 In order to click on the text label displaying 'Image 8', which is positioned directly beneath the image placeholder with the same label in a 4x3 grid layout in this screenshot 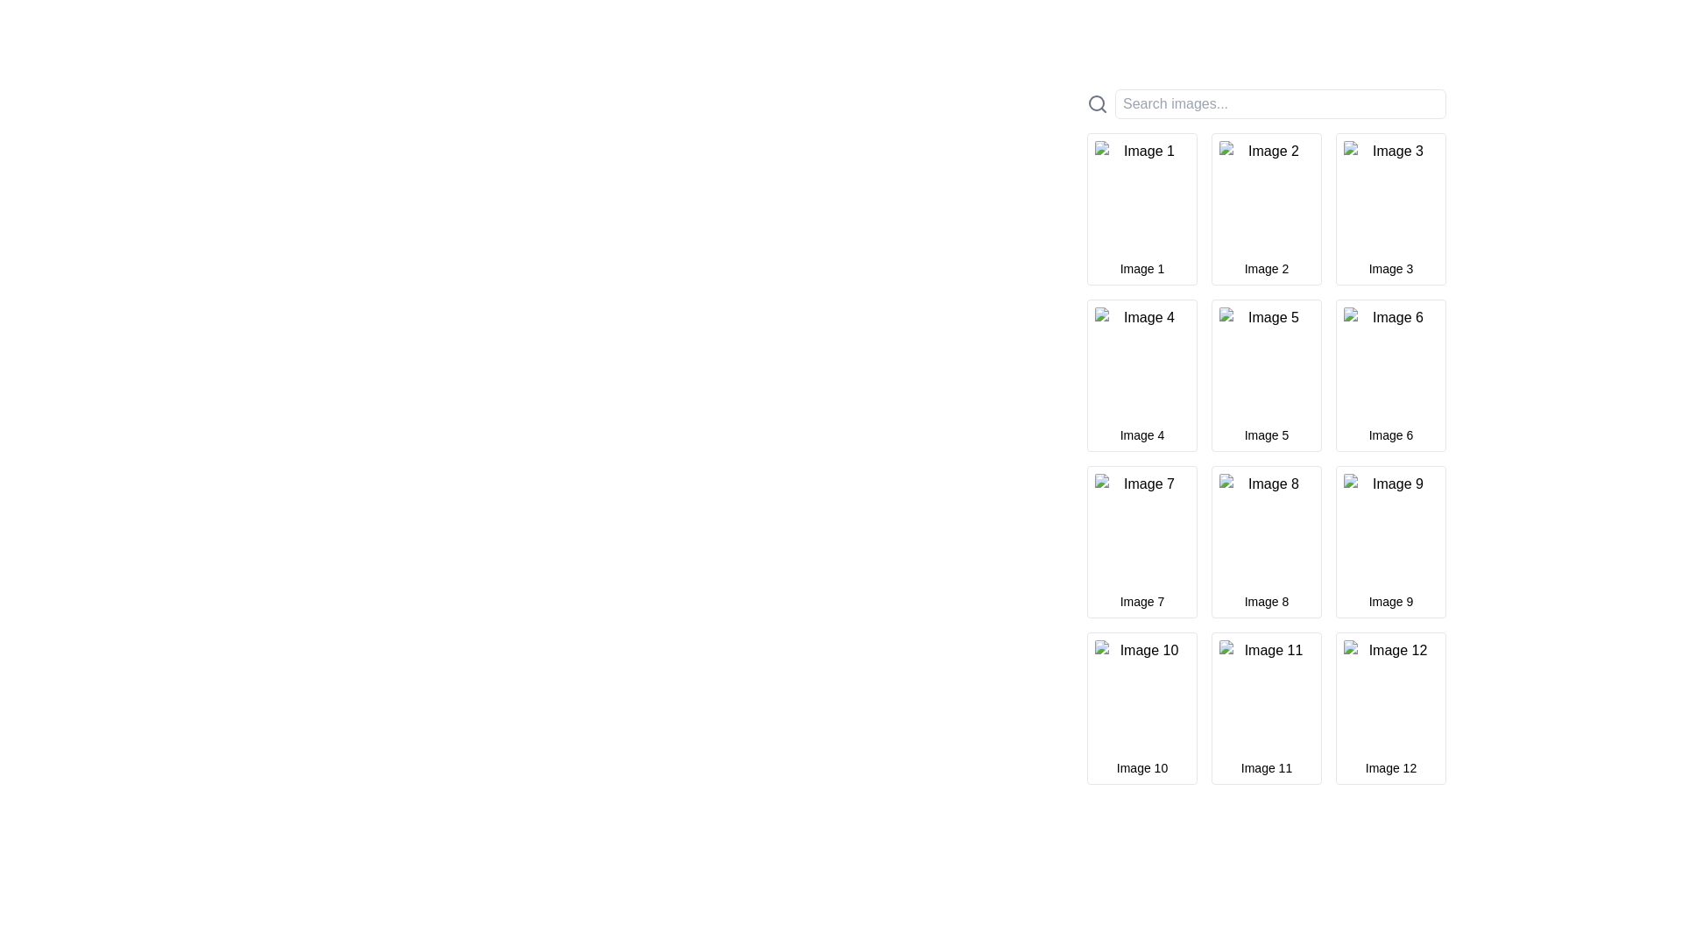, I will do `click(1266, 600)`.